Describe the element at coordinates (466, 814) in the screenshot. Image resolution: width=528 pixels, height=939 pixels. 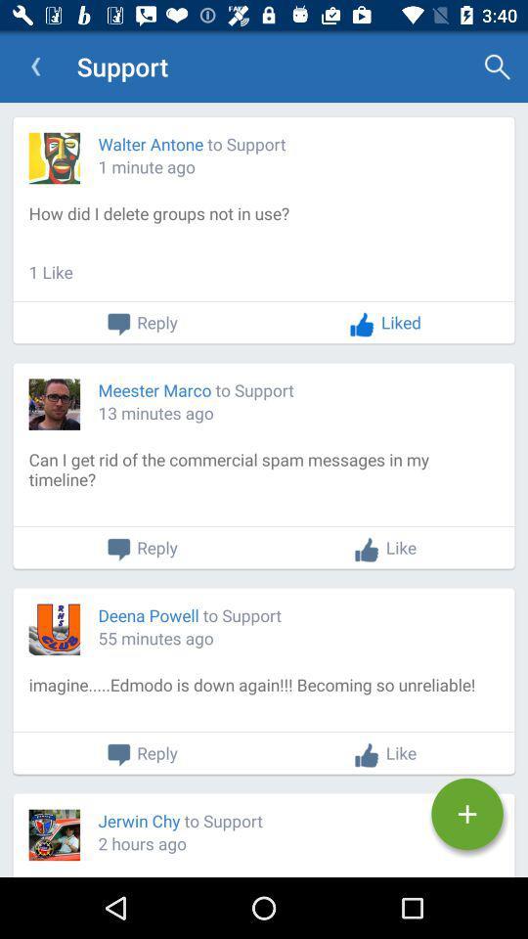
I see `the add option to the left of the text jerwin chy to support` at that location.